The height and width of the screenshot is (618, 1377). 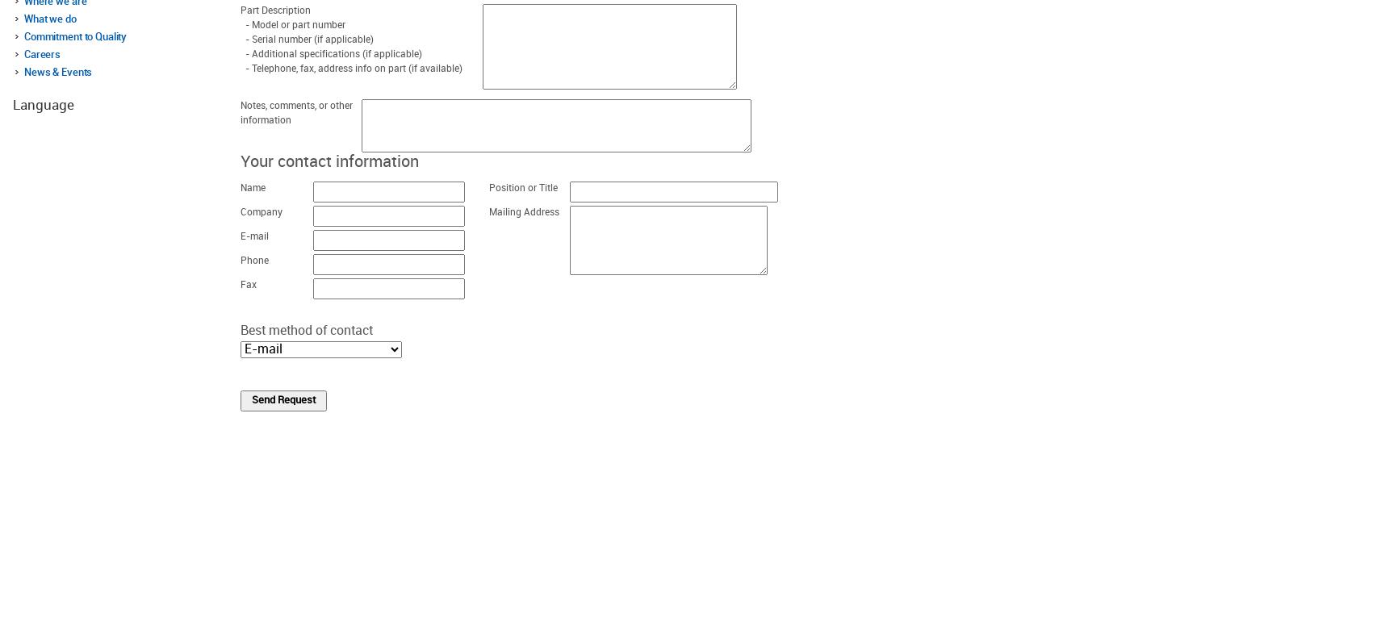 What do you see at coordinates (49, 17) in the screenshot?
I see `'What we do'` at bounding box center [49, 17].